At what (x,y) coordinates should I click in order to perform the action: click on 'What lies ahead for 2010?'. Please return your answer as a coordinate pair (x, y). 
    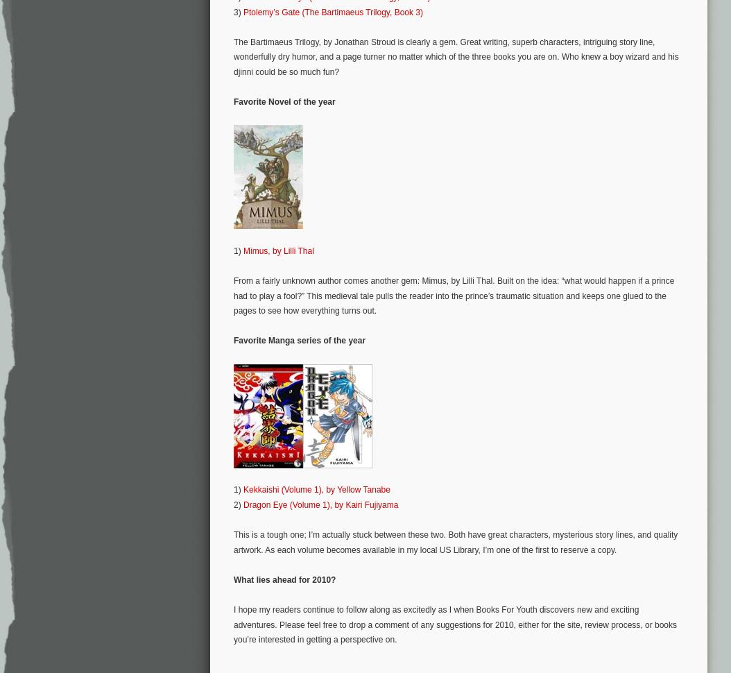
    Looking at the image, I should click on (233, 578).